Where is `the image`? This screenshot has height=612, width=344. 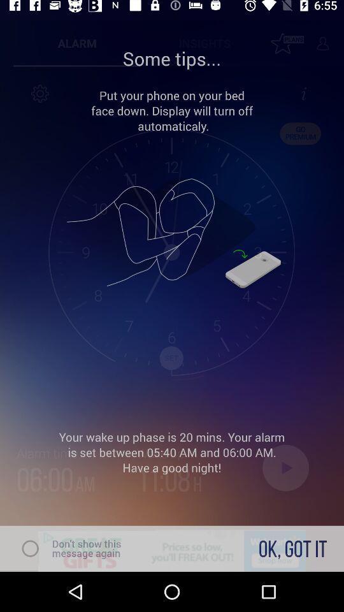 the image is located at coordinates (172, 233).